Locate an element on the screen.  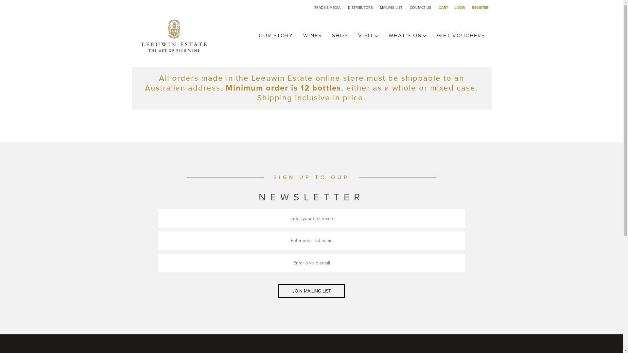
'SHOP' is located at coordinates (340, 35).